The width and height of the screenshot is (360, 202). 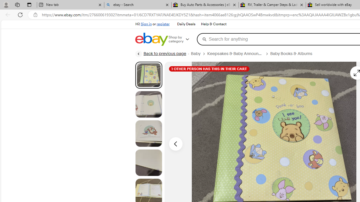 I want to click on 'Sign in', so click(x=146, y=24).